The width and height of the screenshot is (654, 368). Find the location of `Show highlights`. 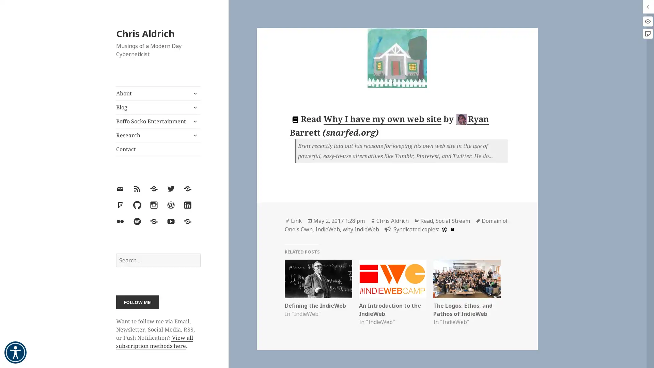

Show highlights is located at coordinates (647, 21).